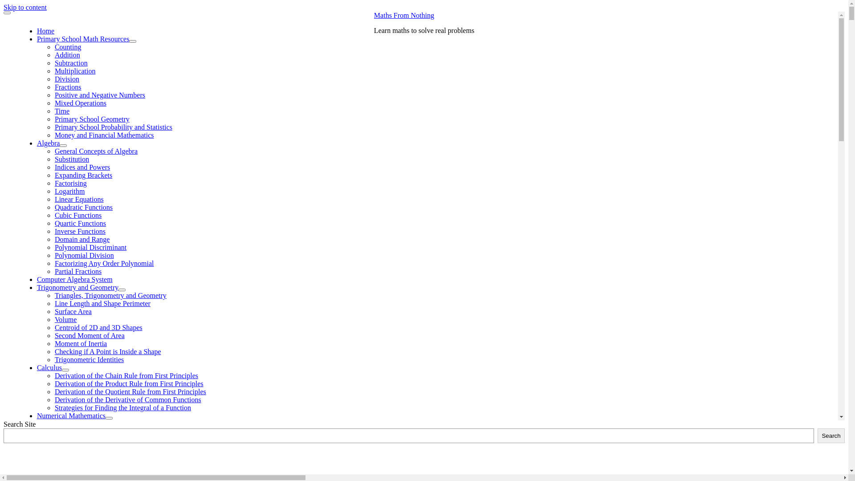  What do you see at coordinates (90, 247) in the screenshot?
I see `'Polynomial Discriminant'` at bounding box center [90, 247].